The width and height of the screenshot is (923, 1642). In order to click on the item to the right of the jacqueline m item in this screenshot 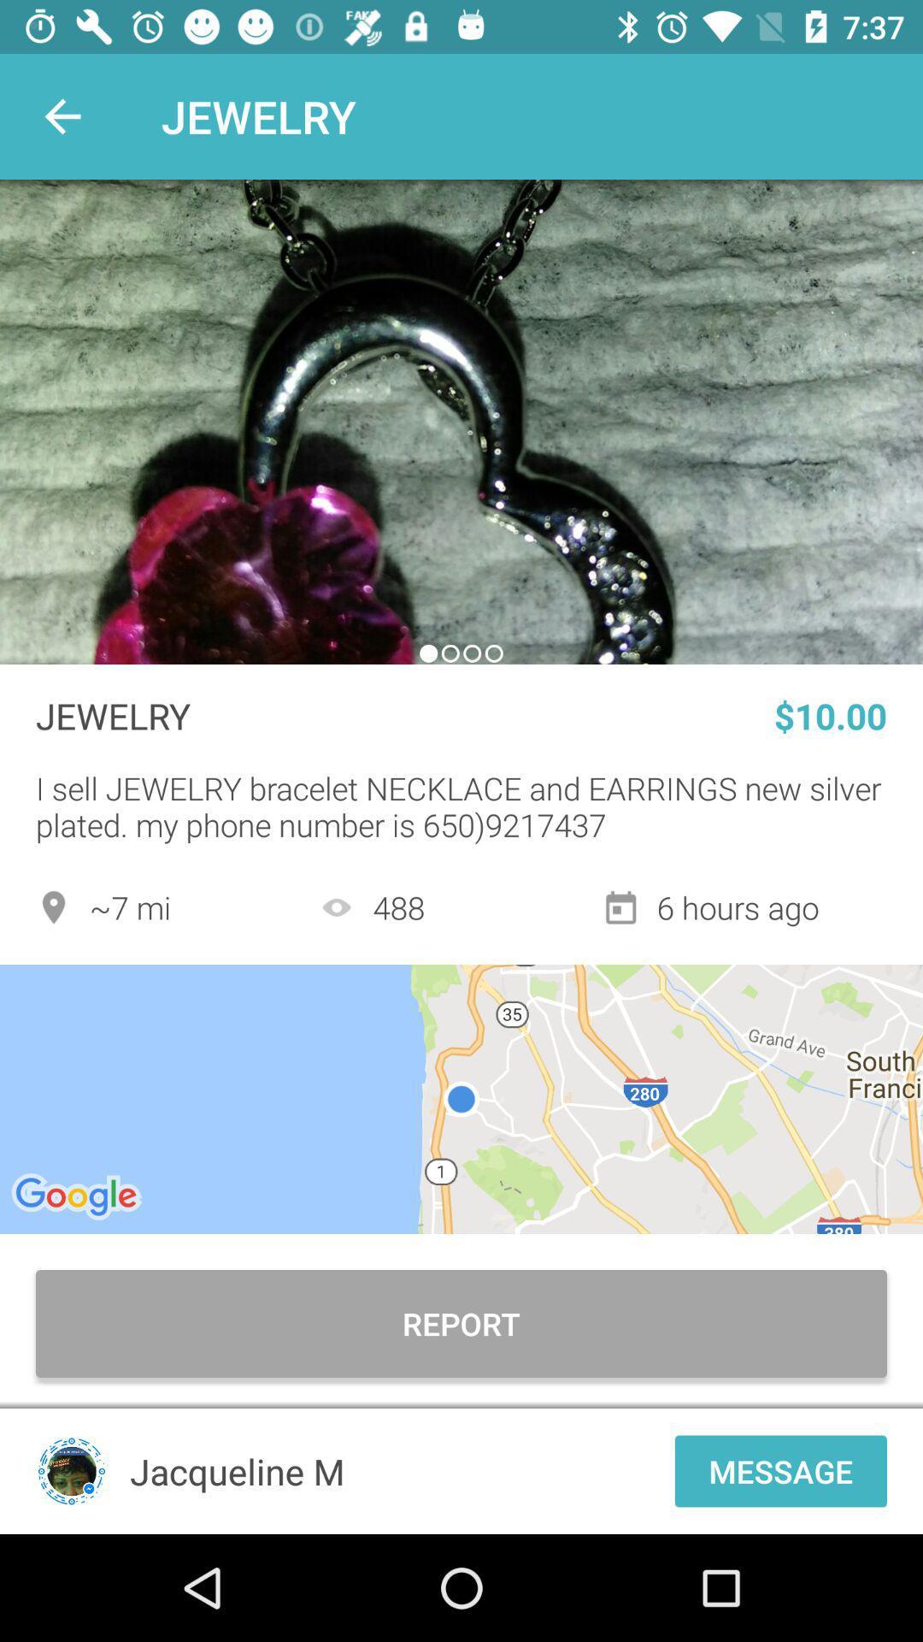, I will do `click(780, 1470)`.